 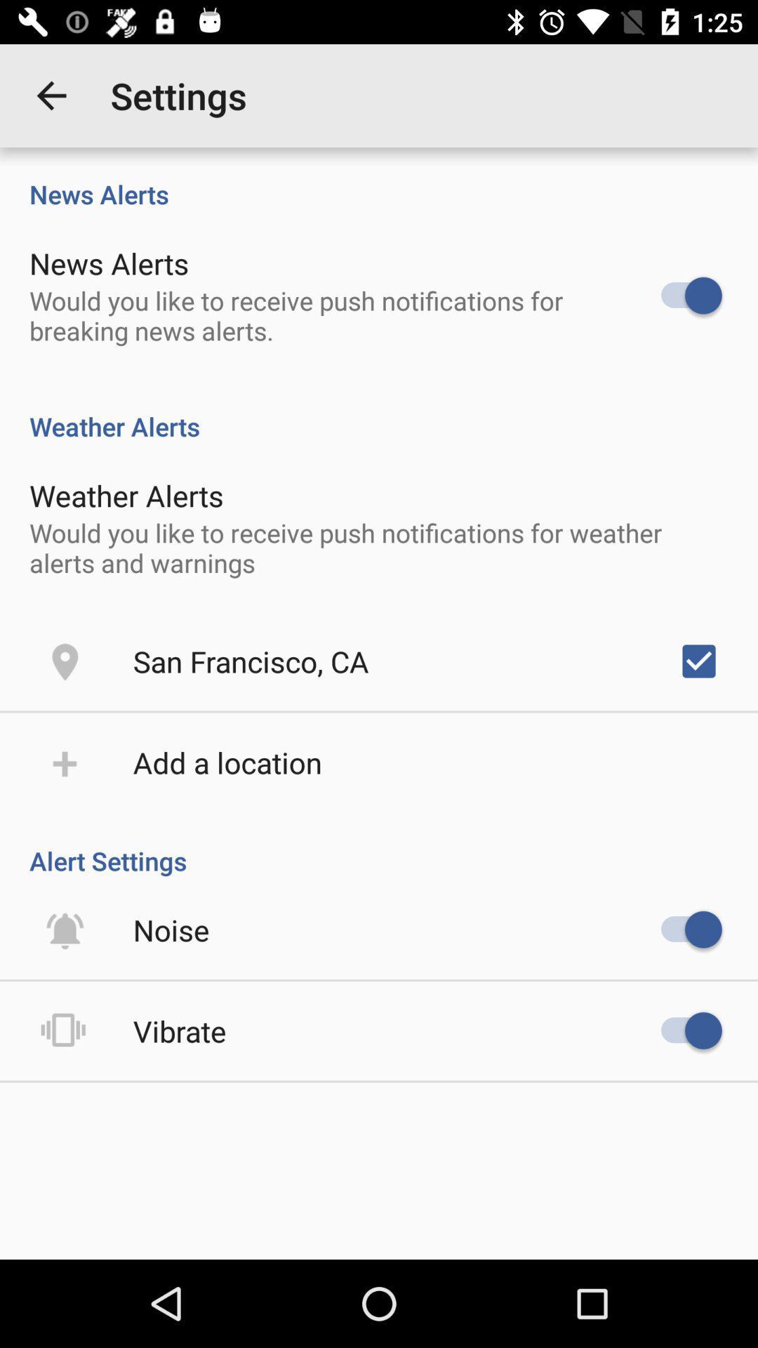 I want to click on icon below would you like item, so click(x=698, y=660).